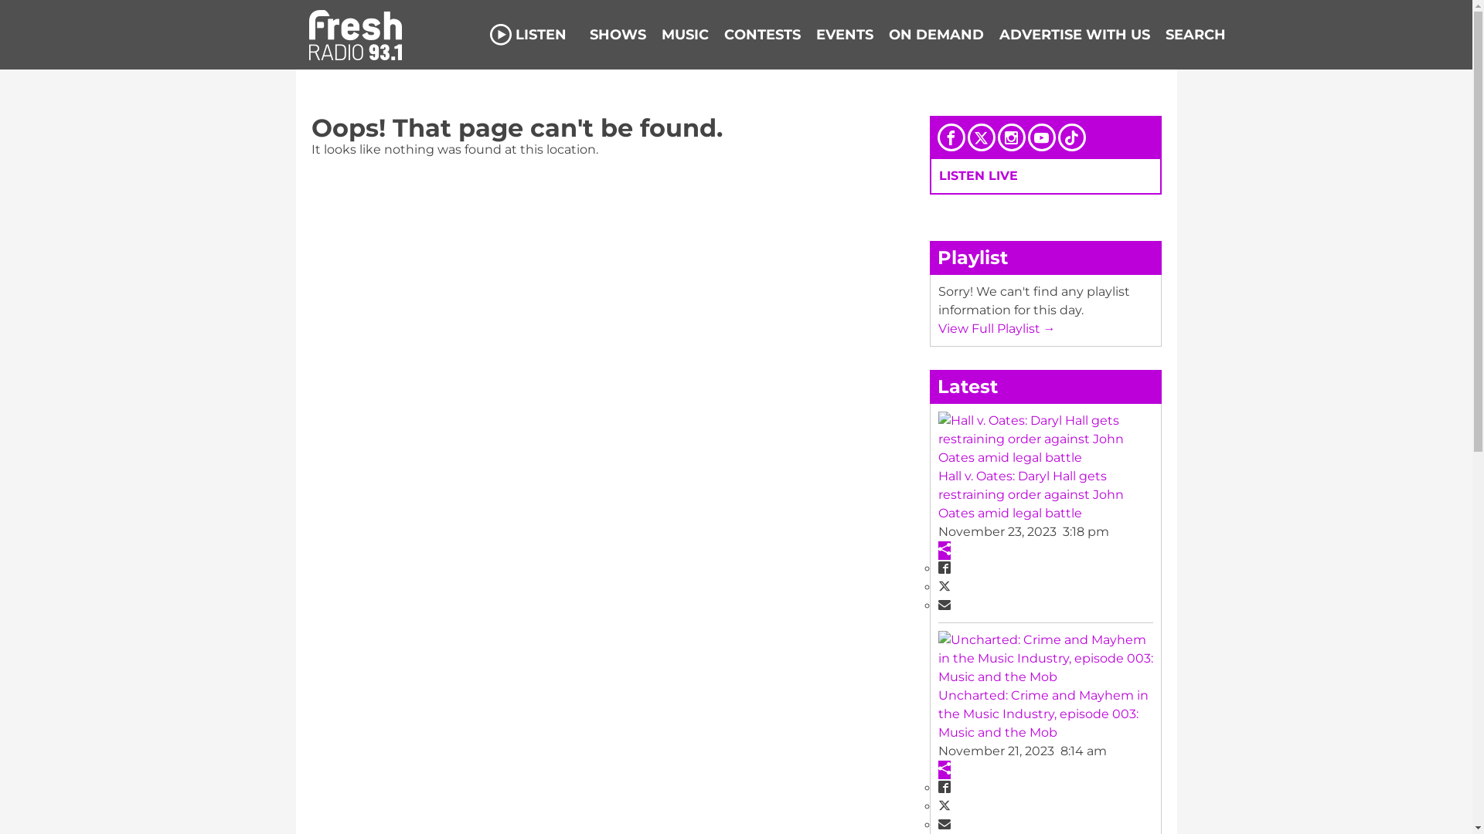  Describe the element at coordinates (684, 35) in the screenshot. I see `'MUSIC'` at that location.